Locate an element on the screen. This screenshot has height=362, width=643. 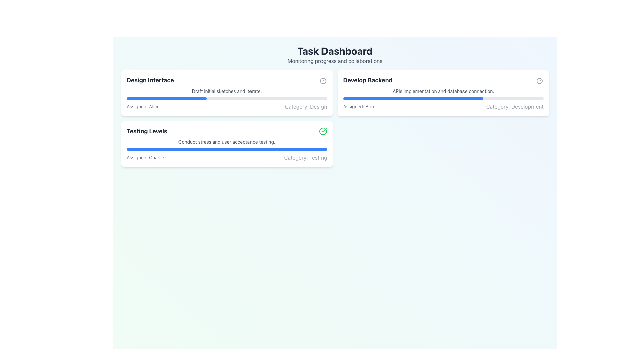
the progress bar value is located at coordinates (448, 98).